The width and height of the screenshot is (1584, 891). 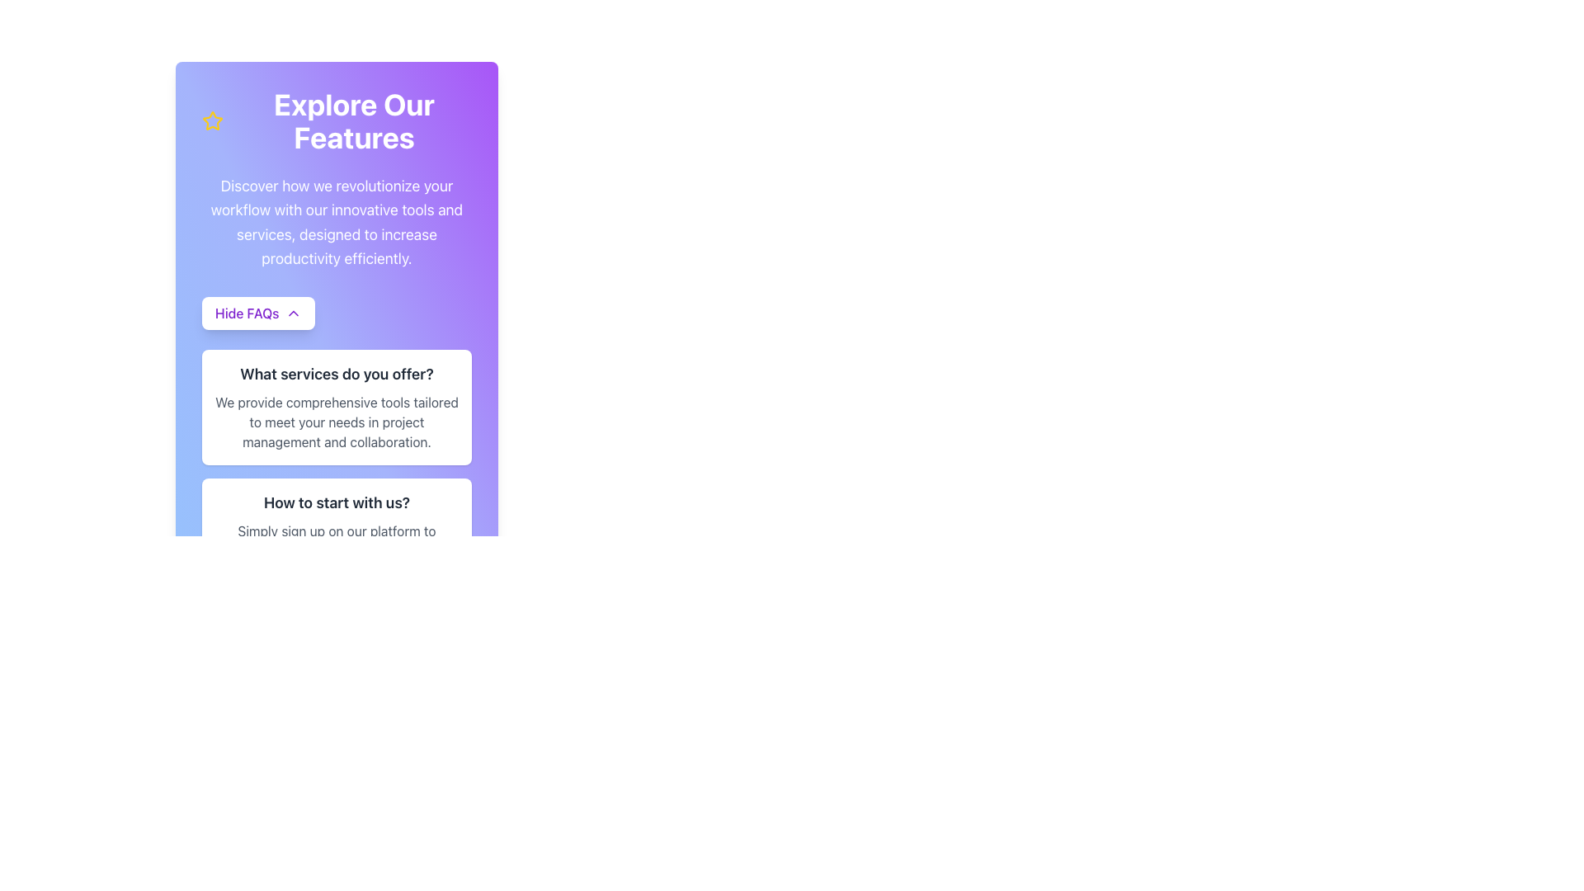 I want to click on information displayed in the Text Content Block titled 'What services do you offer?' which contains a brief description of their services, so click(x=336, y=445).